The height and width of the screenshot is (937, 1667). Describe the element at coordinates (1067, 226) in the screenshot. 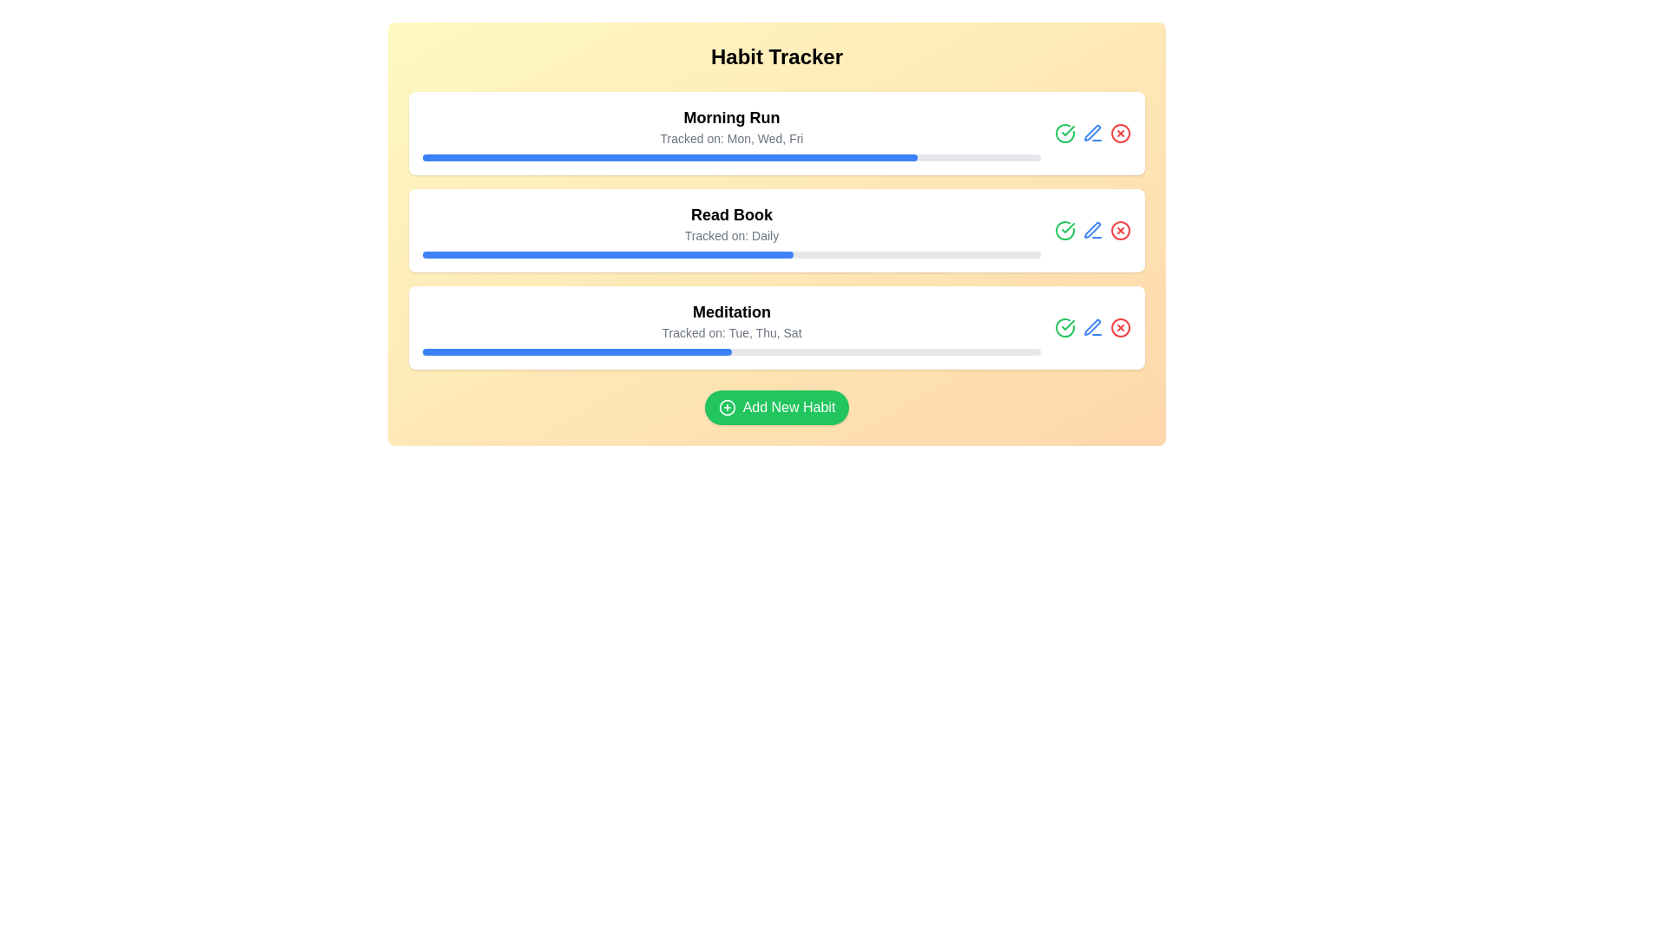

I see `the green checkmark icon located on the far-right side of the second row labeled 'Read Book'` at that location.